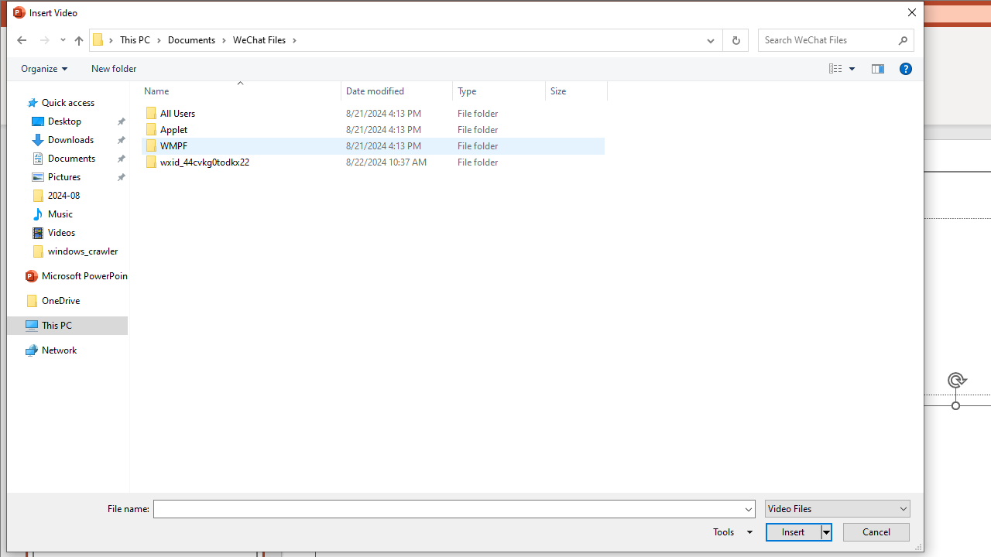  What do you see at coordinates (905, 68) in the screenshot?
I see `'&Help'` at bounding box center [905, 68].